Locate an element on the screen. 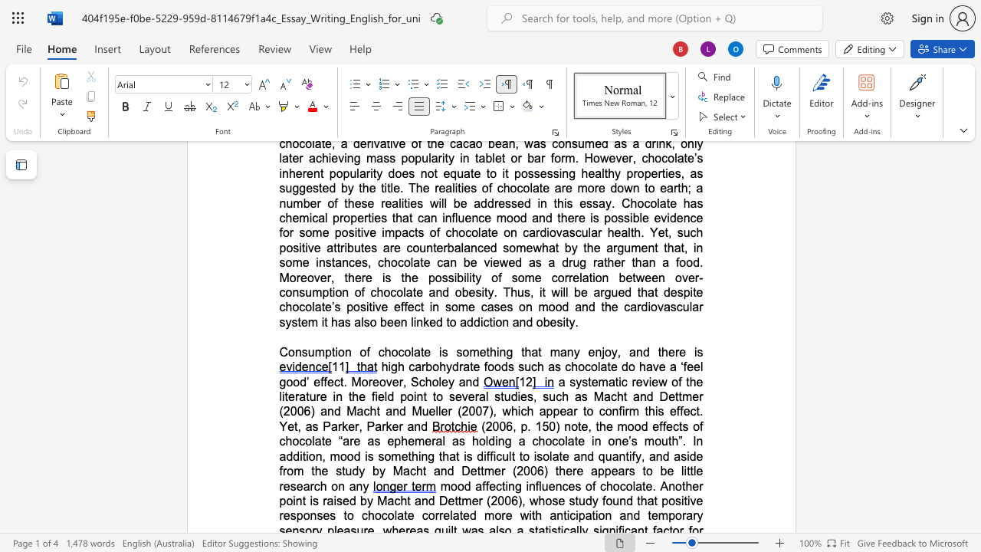 This screenshot has height=552, width=981. the space between the continuous character "u" and "m" in the text is located at coordinates (314, 352).